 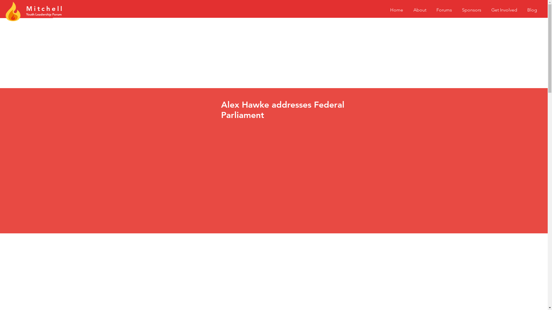 I want to click on 'Forums', so click(x=431, y=10).